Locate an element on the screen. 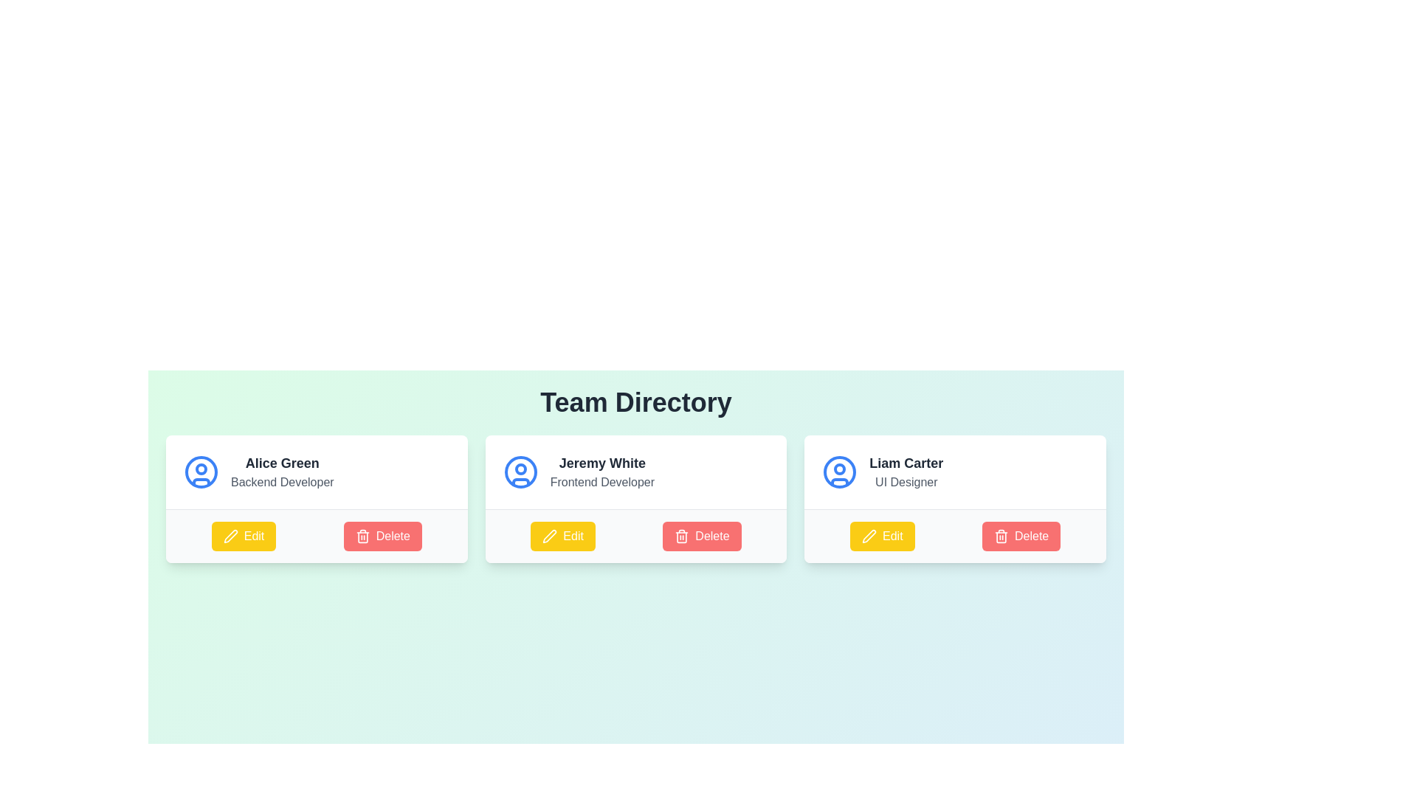  the circular user silhouette icon, styled in blue with a white background, located in the top-left corner of the card next to the text 'Alice Green' and 'Backend Developer' is located at coordinates (201, 472).